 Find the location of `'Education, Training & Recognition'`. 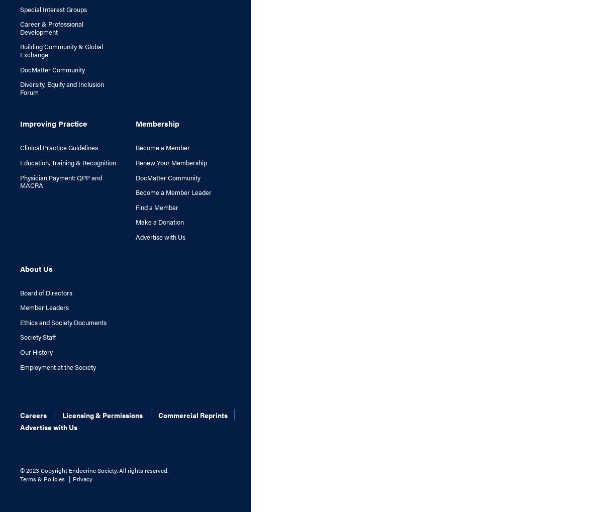

'Education, Training & Recognition' is located at coordinates (67, 162).